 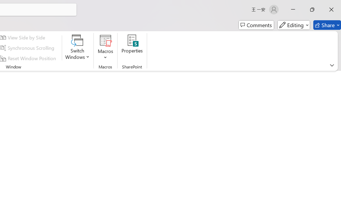 I want to click on 'Ribbon Display Options', so click(x=332, y=65).